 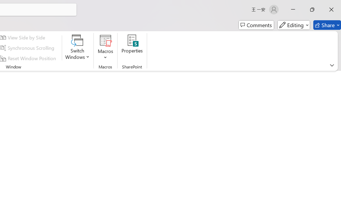 I want to click on 'Ribbon Display Options', so click(x=332, y=65).